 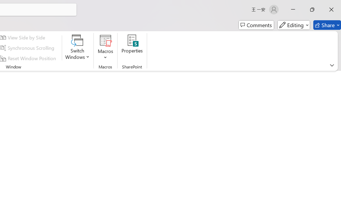 I want to click on 'Ribbon Display Options', so click(x=332, y=65).